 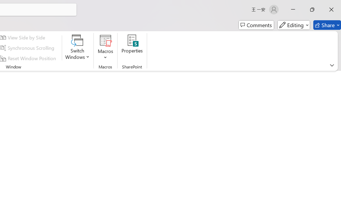 I want to click on 'Ribbon Display Options', so click(x=332, y=65).